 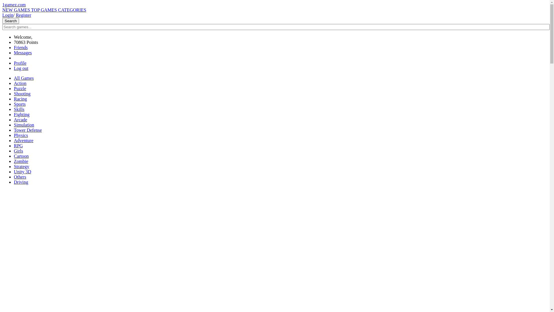 I want to click on 'Driving', so click(x=14, y=182).